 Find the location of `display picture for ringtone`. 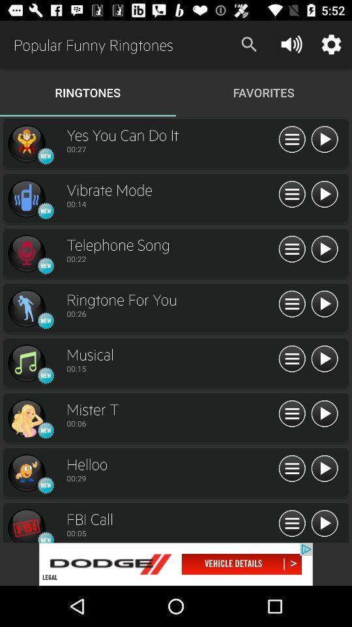

display picture for ringtone is located at coordinates (26, 253).